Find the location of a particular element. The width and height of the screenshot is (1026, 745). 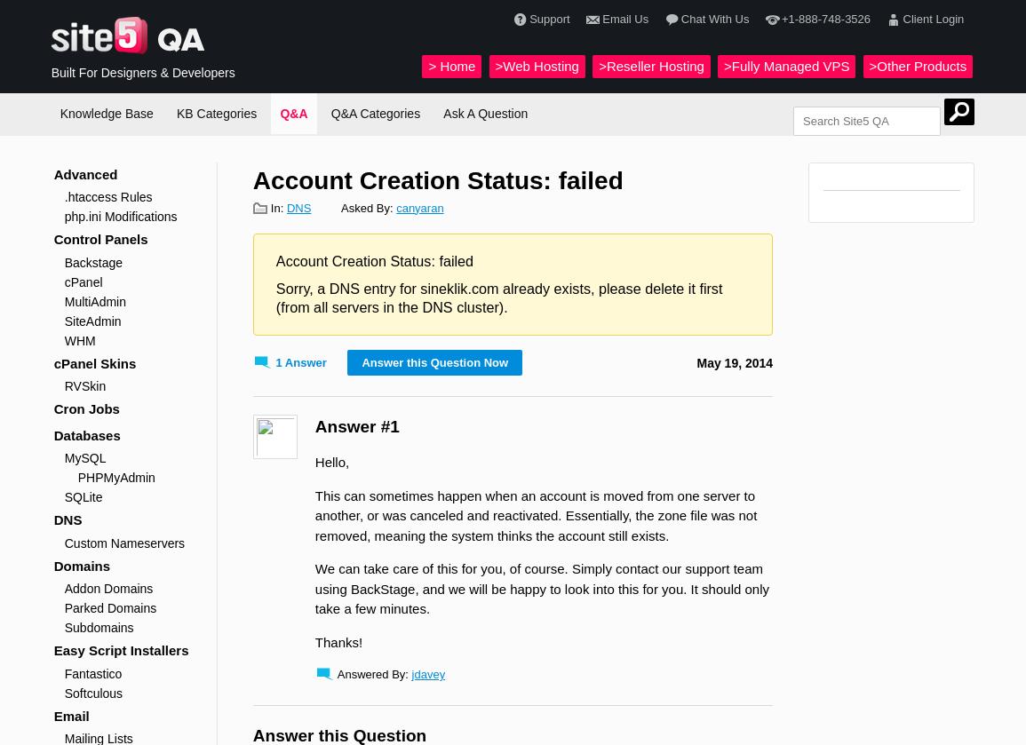

'Softculous' is located at coordinates (92, 692).